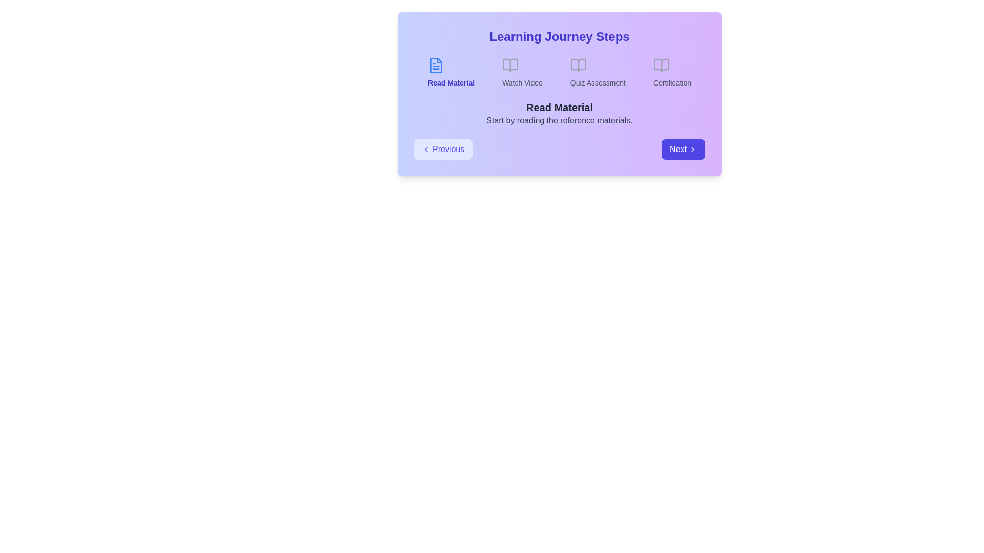 This screenshot has height=553, width=984. Describe the element at coordinates (598, 82) in the screenshot. I see `the text label displaying 'Quiz Assessment' which is centered below an icon of an open book` at that location.